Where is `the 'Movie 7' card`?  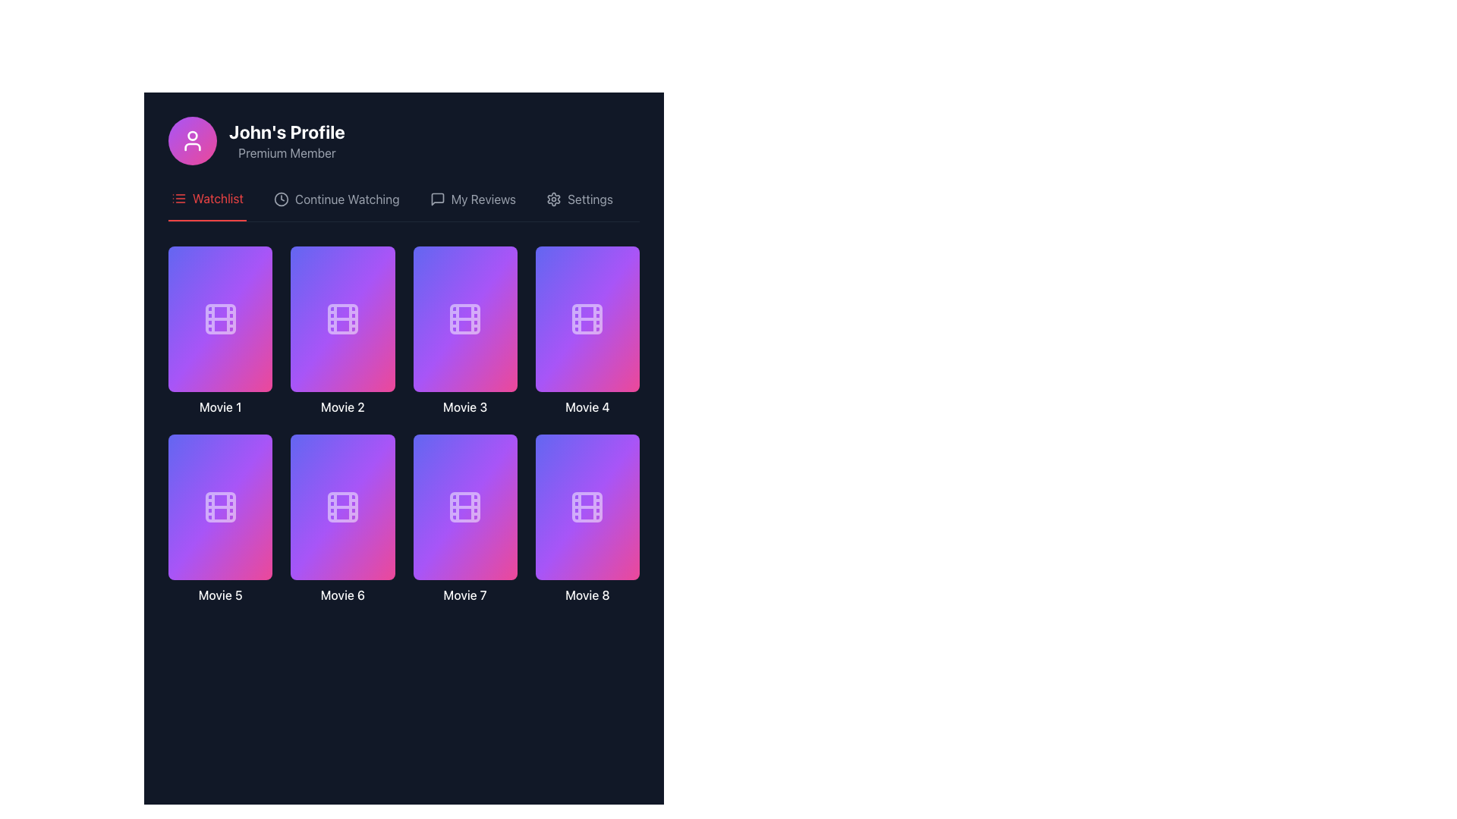
the 'Movie 7' card is located at coordinates (464, 507).